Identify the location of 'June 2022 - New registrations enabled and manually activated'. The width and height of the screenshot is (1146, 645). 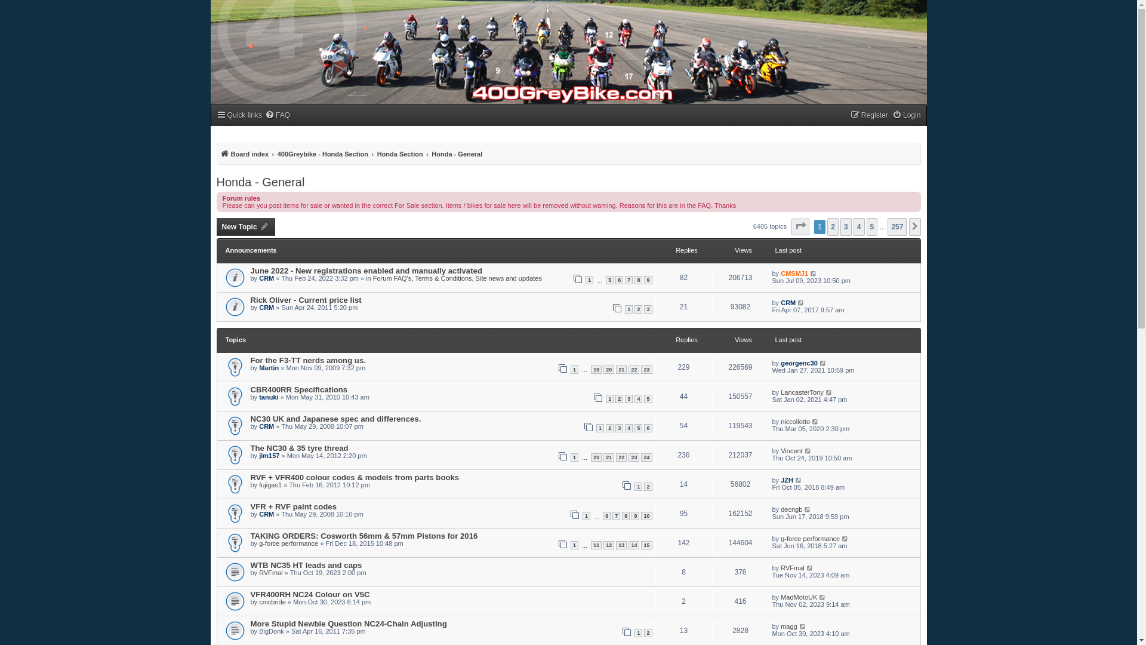
(366, 271).